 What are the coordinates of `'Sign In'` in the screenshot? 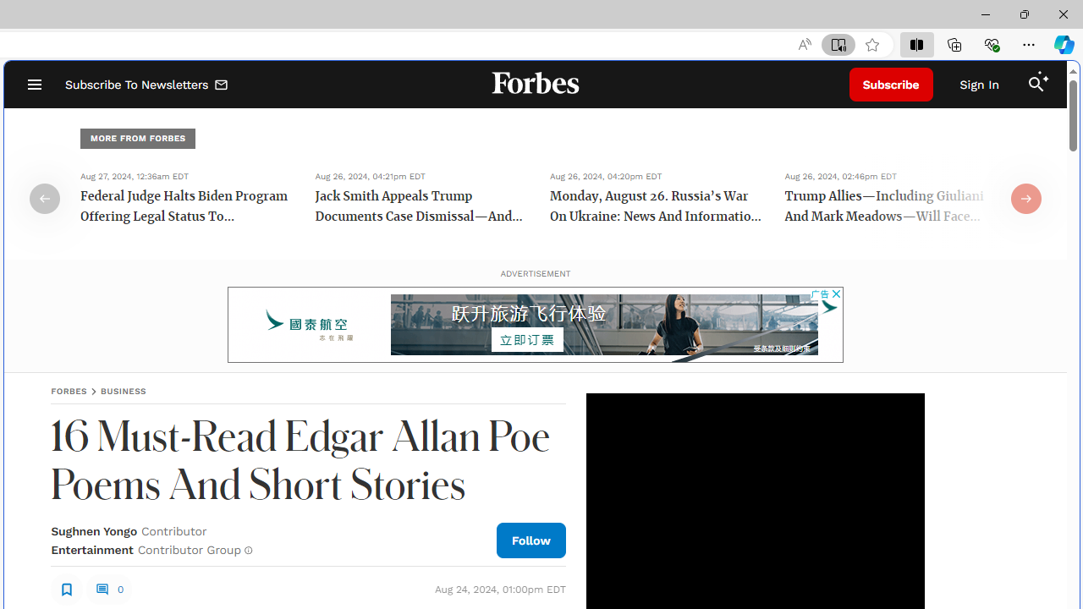 It's located at (979, 85).